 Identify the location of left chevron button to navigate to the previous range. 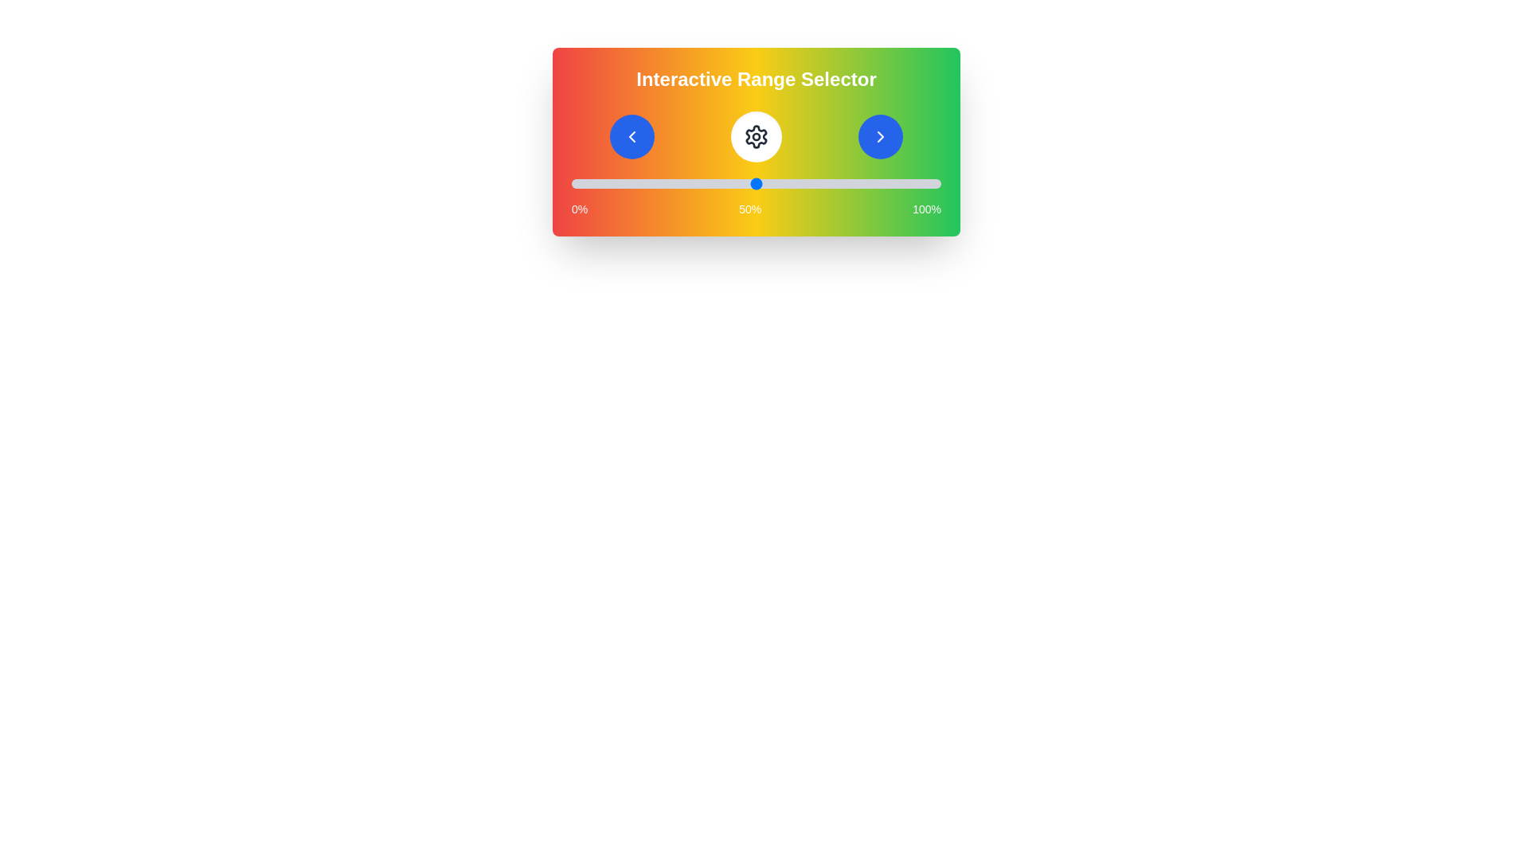
(631, 136).